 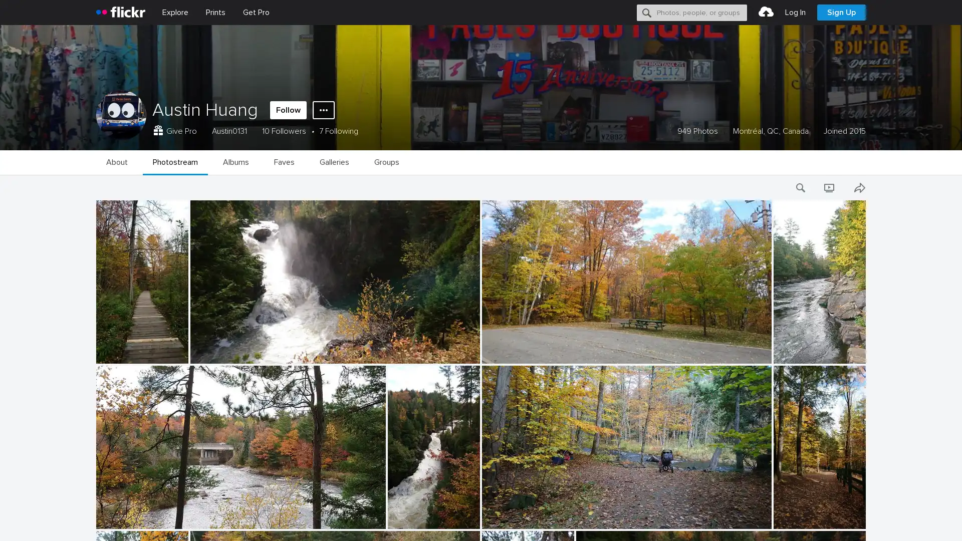 I want to click on Follow, so click(x=288, y=110).